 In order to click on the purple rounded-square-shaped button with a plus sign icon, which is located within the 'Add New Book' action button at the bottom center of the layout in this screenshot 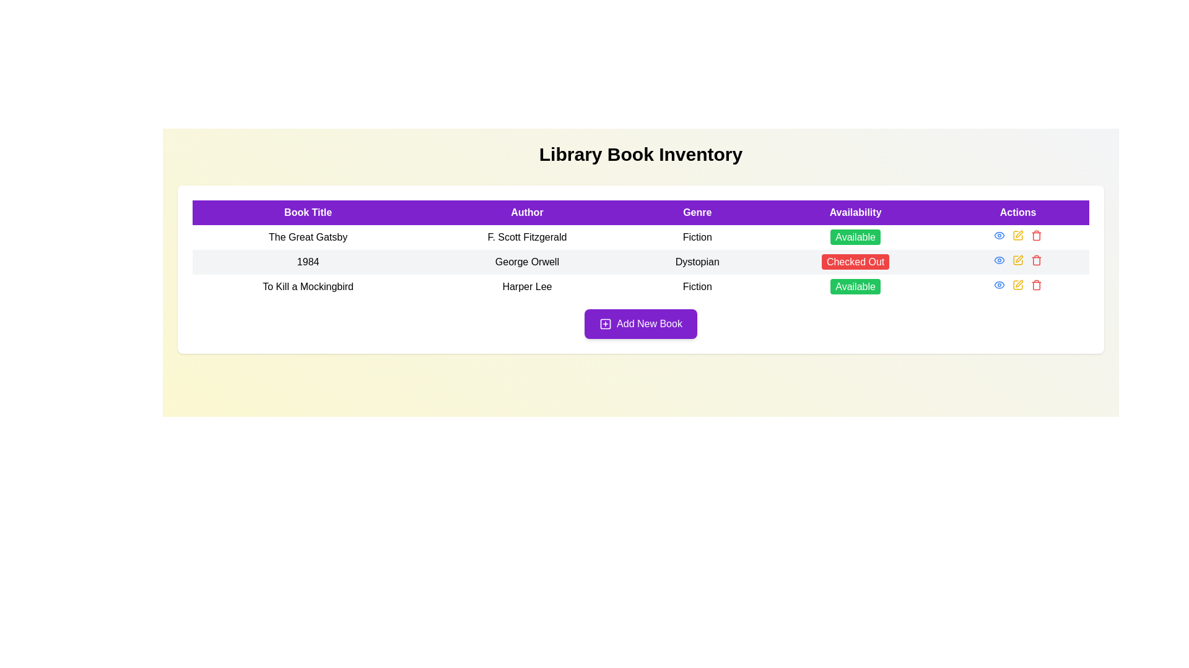, I will do `click(606, 323)`.